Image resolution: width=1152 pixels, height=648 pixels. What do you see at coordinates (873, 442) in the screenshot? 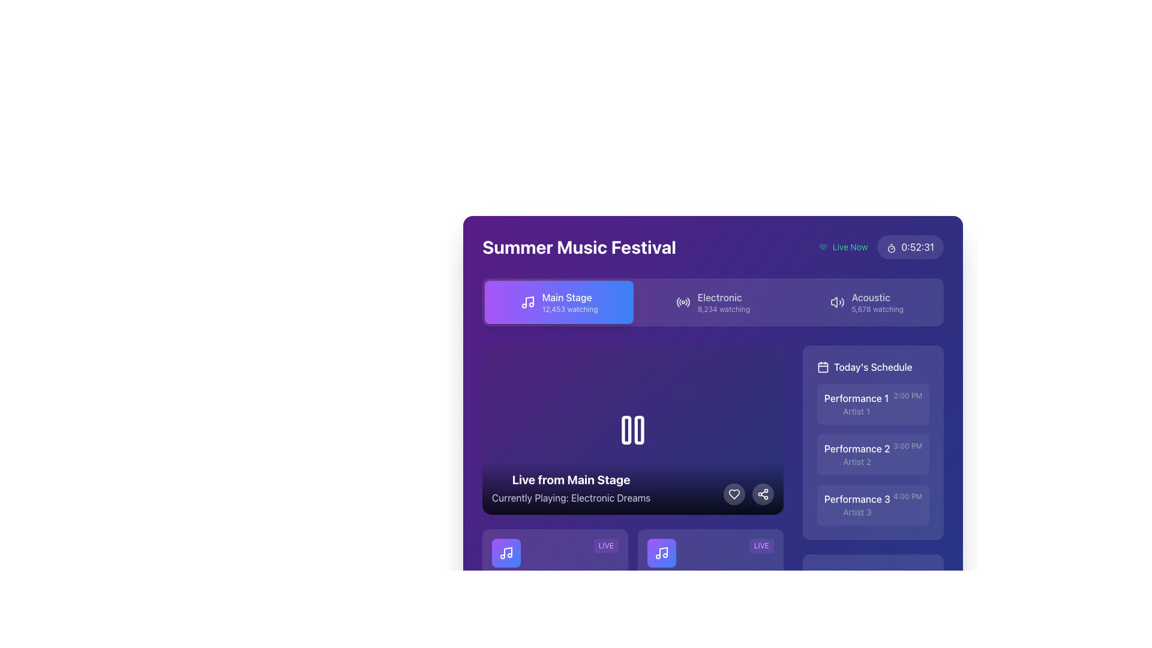
I see `the non-interactive informational card titled 'Today's Schedule', which contains performance details, located in the right column of the interface` at bounding box center [873, 442].